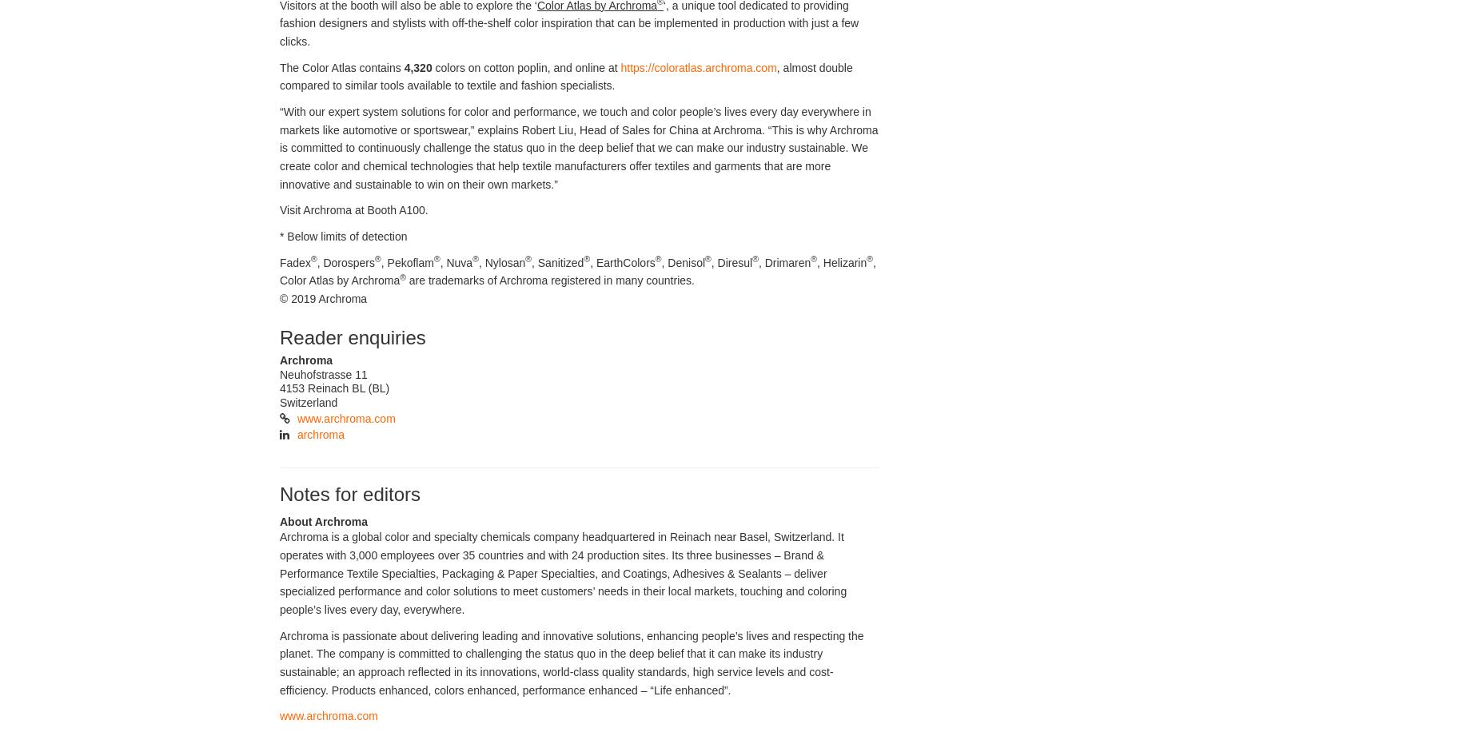  What do you see at coordinates (548, 280) in the screenshot?
I see `'are trademarks of Archroma registered in many countries.'` at bounding box center [548, 280].